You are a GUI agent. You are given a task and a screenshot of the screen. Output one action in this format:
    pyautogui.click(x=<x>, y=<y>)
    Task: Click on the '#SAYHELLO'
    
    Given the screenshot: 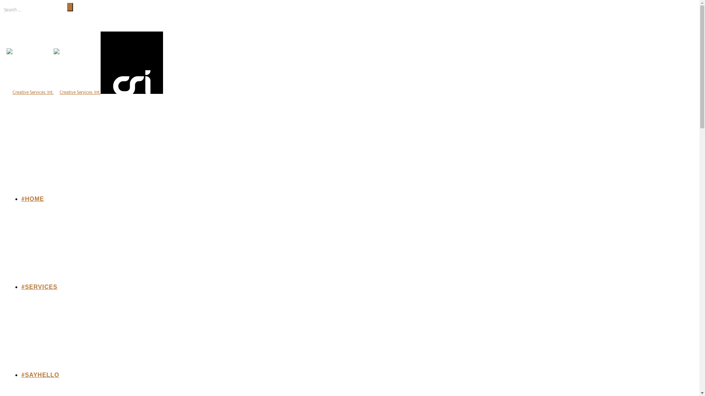 What is the action you would take?
    pyautogui.click(x=40, y=375)
    